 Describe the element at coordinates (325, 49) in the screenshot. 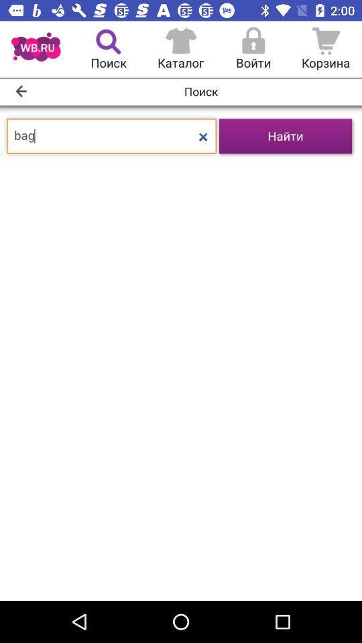

I see `the cart icon` at that location.